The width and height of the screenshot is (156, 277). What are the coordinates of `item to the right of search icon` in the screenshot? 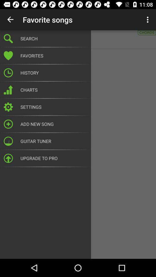 It's located at (148, 20).